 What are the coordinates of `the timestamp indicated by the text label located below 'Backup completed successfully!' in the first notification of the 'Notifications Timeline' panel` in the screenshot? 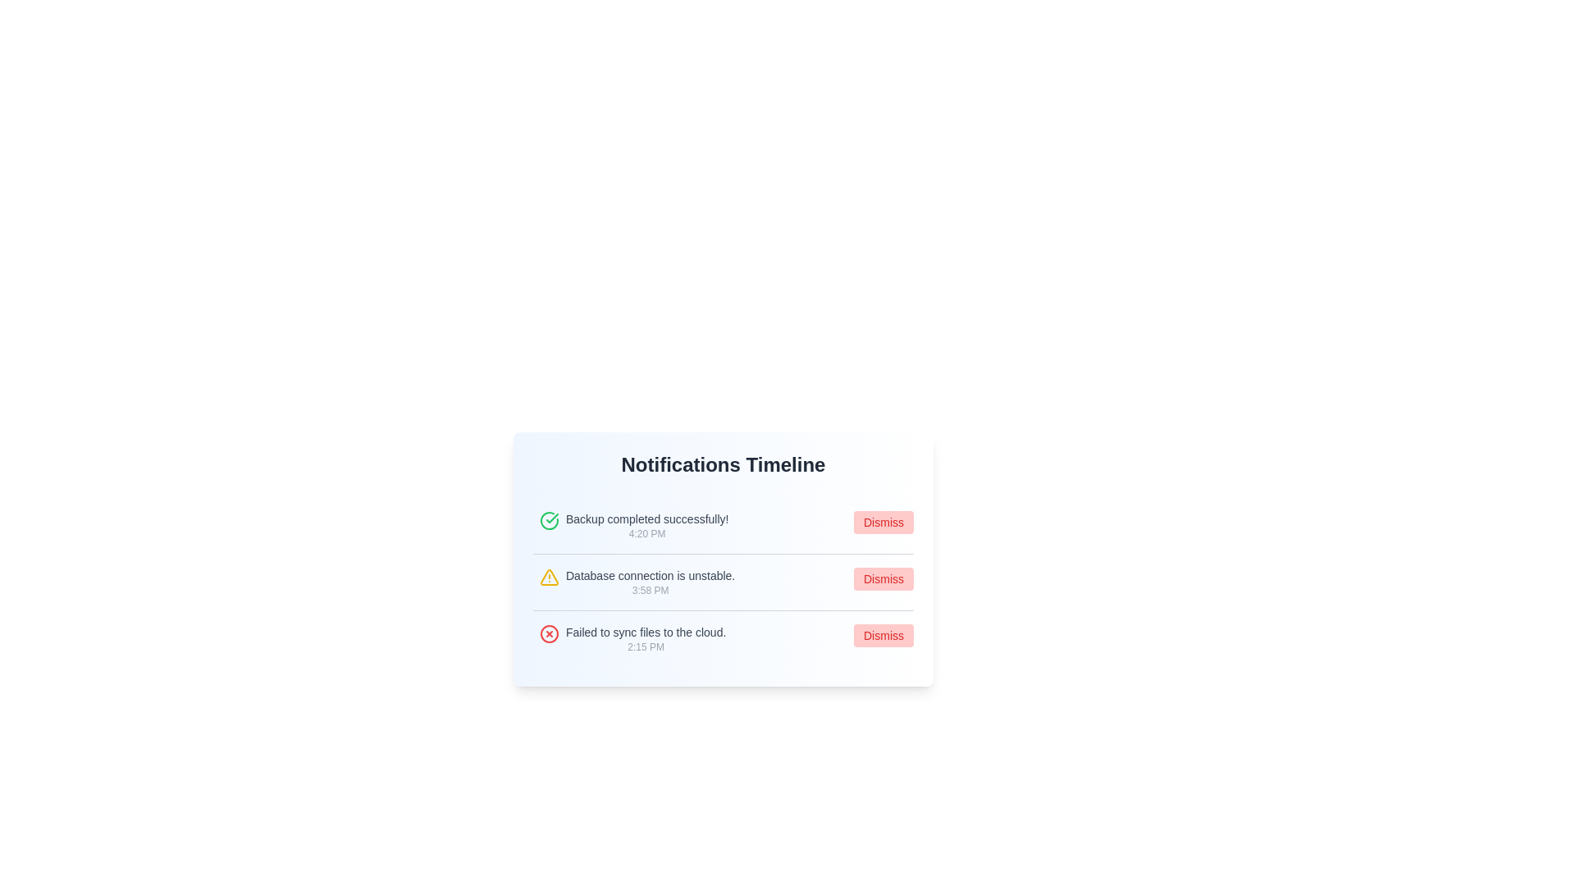 It's located at (646, 534).